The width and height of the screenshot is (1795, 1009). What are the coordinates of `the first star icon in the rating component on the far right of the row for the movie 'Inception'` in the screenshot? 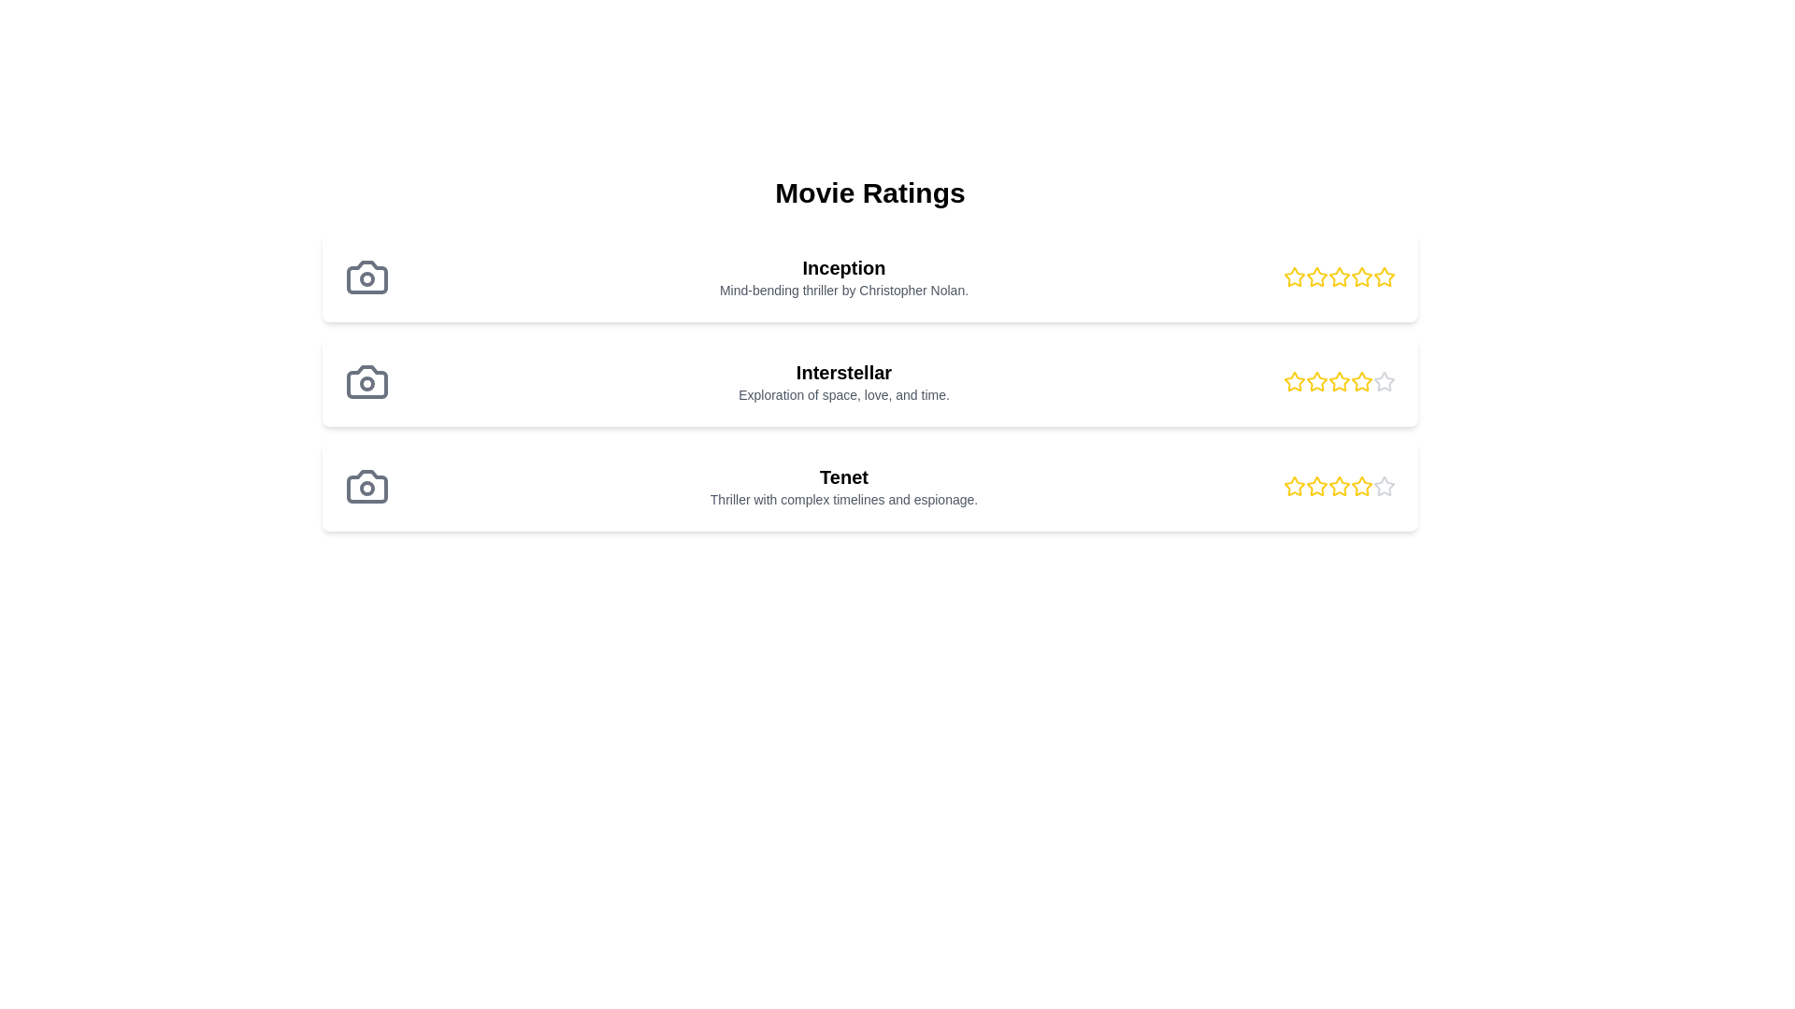 It's located at (1292, 277).